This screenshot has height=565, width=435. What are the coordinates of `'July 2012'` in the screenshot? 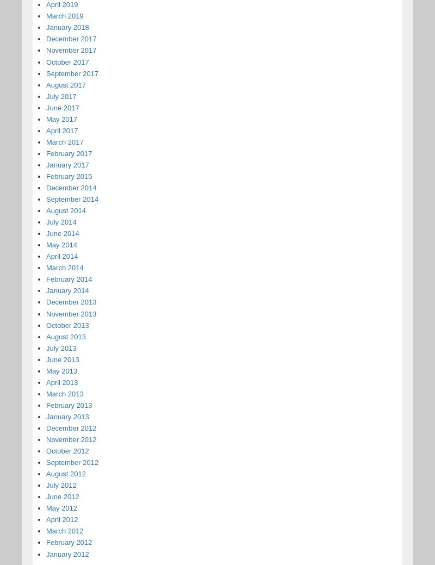 It's located at (60, 485).